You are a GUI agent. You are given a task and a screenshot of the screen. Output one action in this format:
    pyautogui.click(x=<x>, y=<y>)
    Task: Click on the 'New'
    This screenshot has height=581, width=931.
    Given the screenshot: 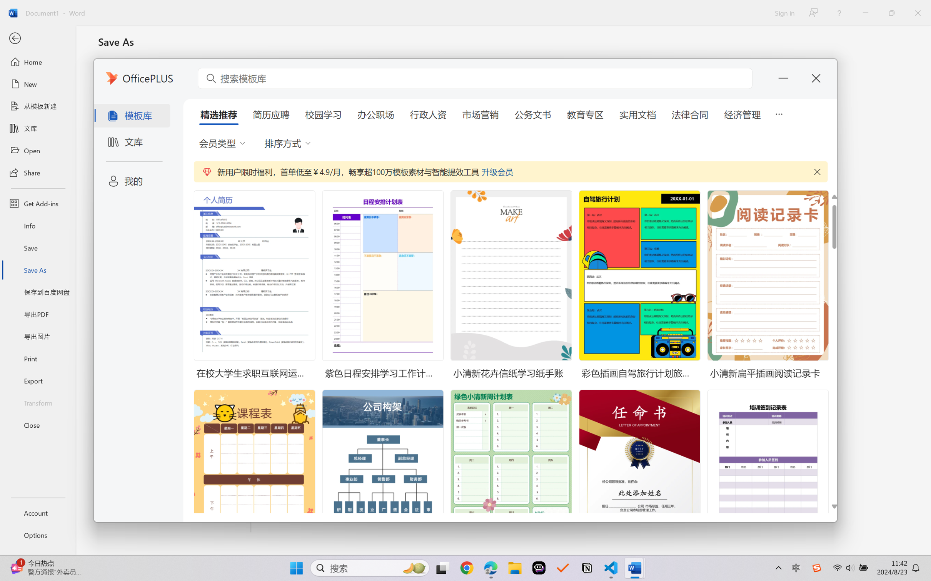 What is the action you would take?
    pyautogui.click(x=37, y=83)
    